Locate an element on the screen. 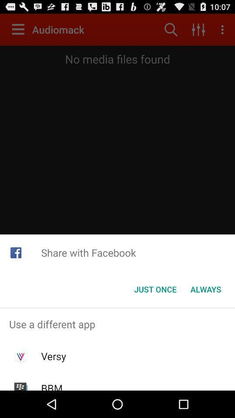 The image size is (235, 418). bbm item is located at coordinates (52, 385).